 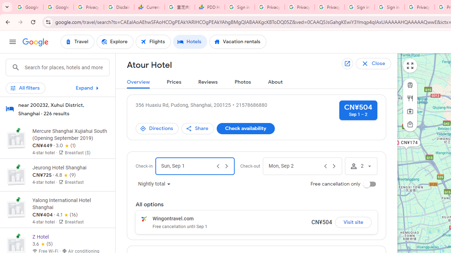 I want to click on 'Main menu', so click(x=12, y=42).